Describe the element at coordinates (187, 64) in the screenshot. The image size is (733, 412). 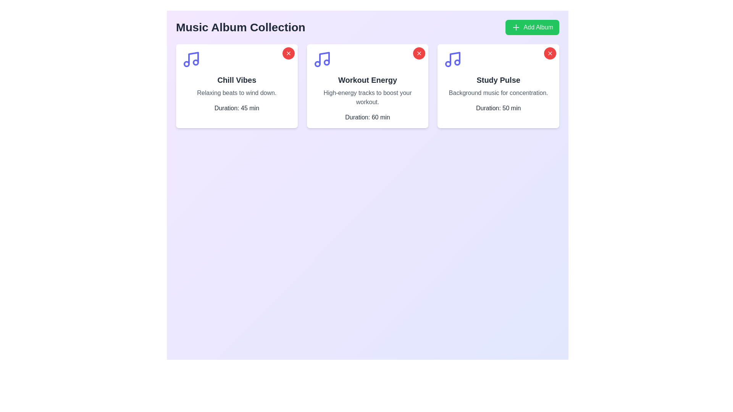
I see `bottom-left circular part of the 'Chill Vibes' card SVG icon in the developer tools` at that location.